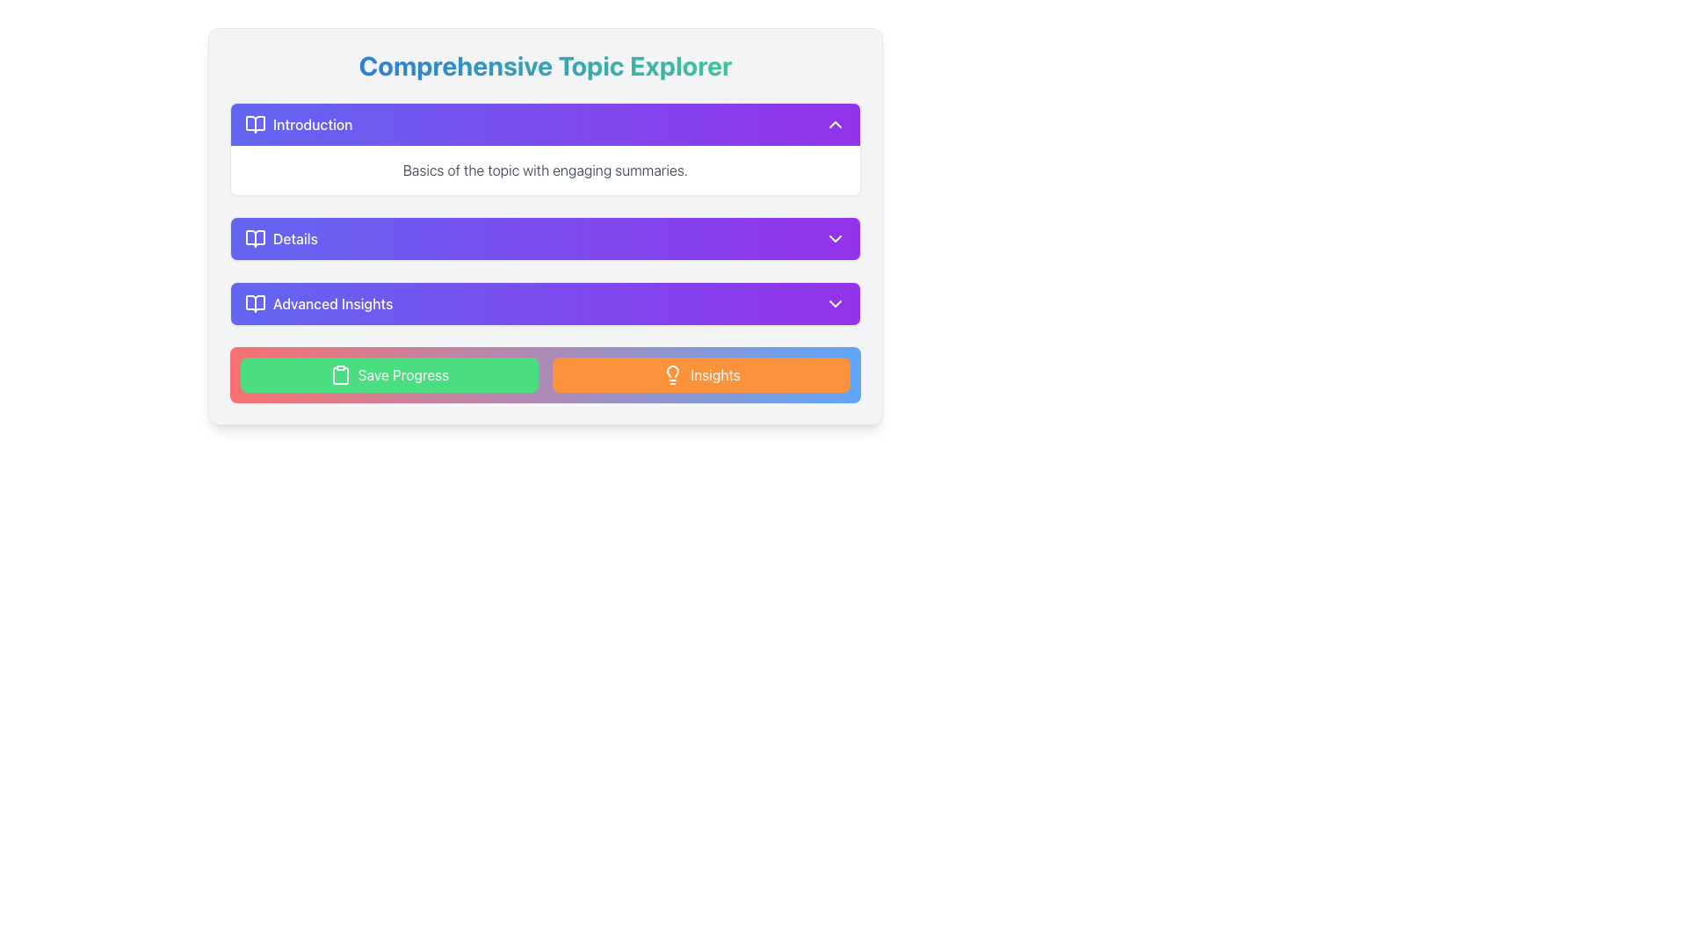  I want to click on the button with an icon and label, so click(281, 239).